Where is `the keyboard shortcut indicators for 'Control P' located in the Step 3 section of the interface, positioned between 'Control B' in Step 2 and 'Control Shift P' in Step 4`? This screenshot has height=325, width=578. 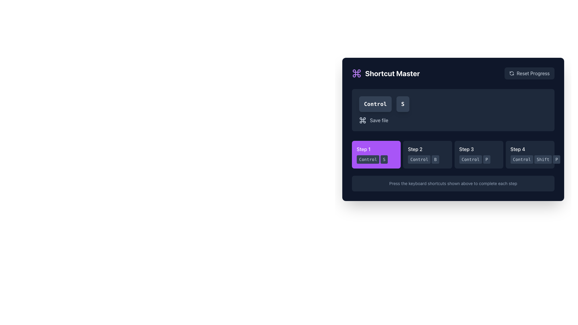 the keyboard shortcut indicators for 'Control P' located in the Step 3 section of the interface, positioned between 'Control B' in Step 2 and 'Control Shift P' in Step 4 is located at coordinates (478, 159).